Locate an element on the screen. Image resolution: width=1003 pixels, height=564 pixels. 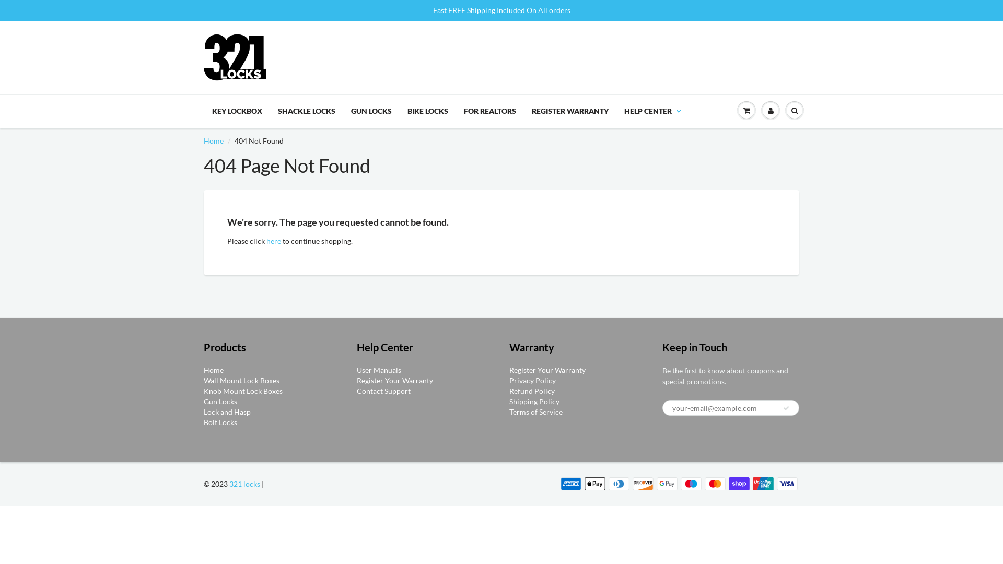
'Privacy Policy' is located at coordinates (532, 380).